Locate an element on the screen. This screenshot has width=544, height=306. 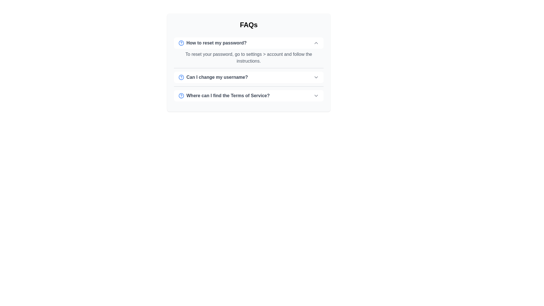
the help icon located to the left of the text 'Where can I find the Terms of Service?' in the third FAQ item is located at coordinates (181, 95).